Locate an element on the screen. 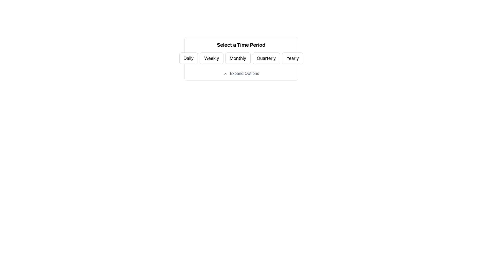 The width and height of the screenshot is (487, 274). the 'Weekly' time period selection button, which is the second button in a horizontally aligned group of buttons below the 'Select a Time Period' heading is located at coordinates (212, 58).